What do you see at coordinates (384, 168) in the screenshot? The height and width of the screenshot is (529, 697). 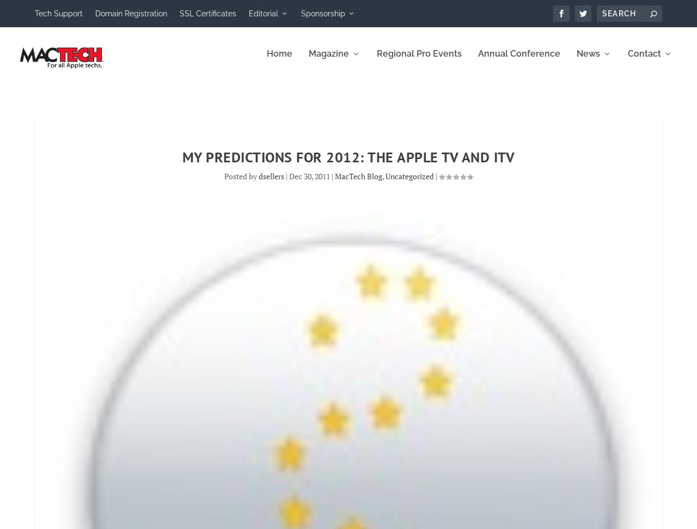 I see `','` at bounding box center [384, 168].